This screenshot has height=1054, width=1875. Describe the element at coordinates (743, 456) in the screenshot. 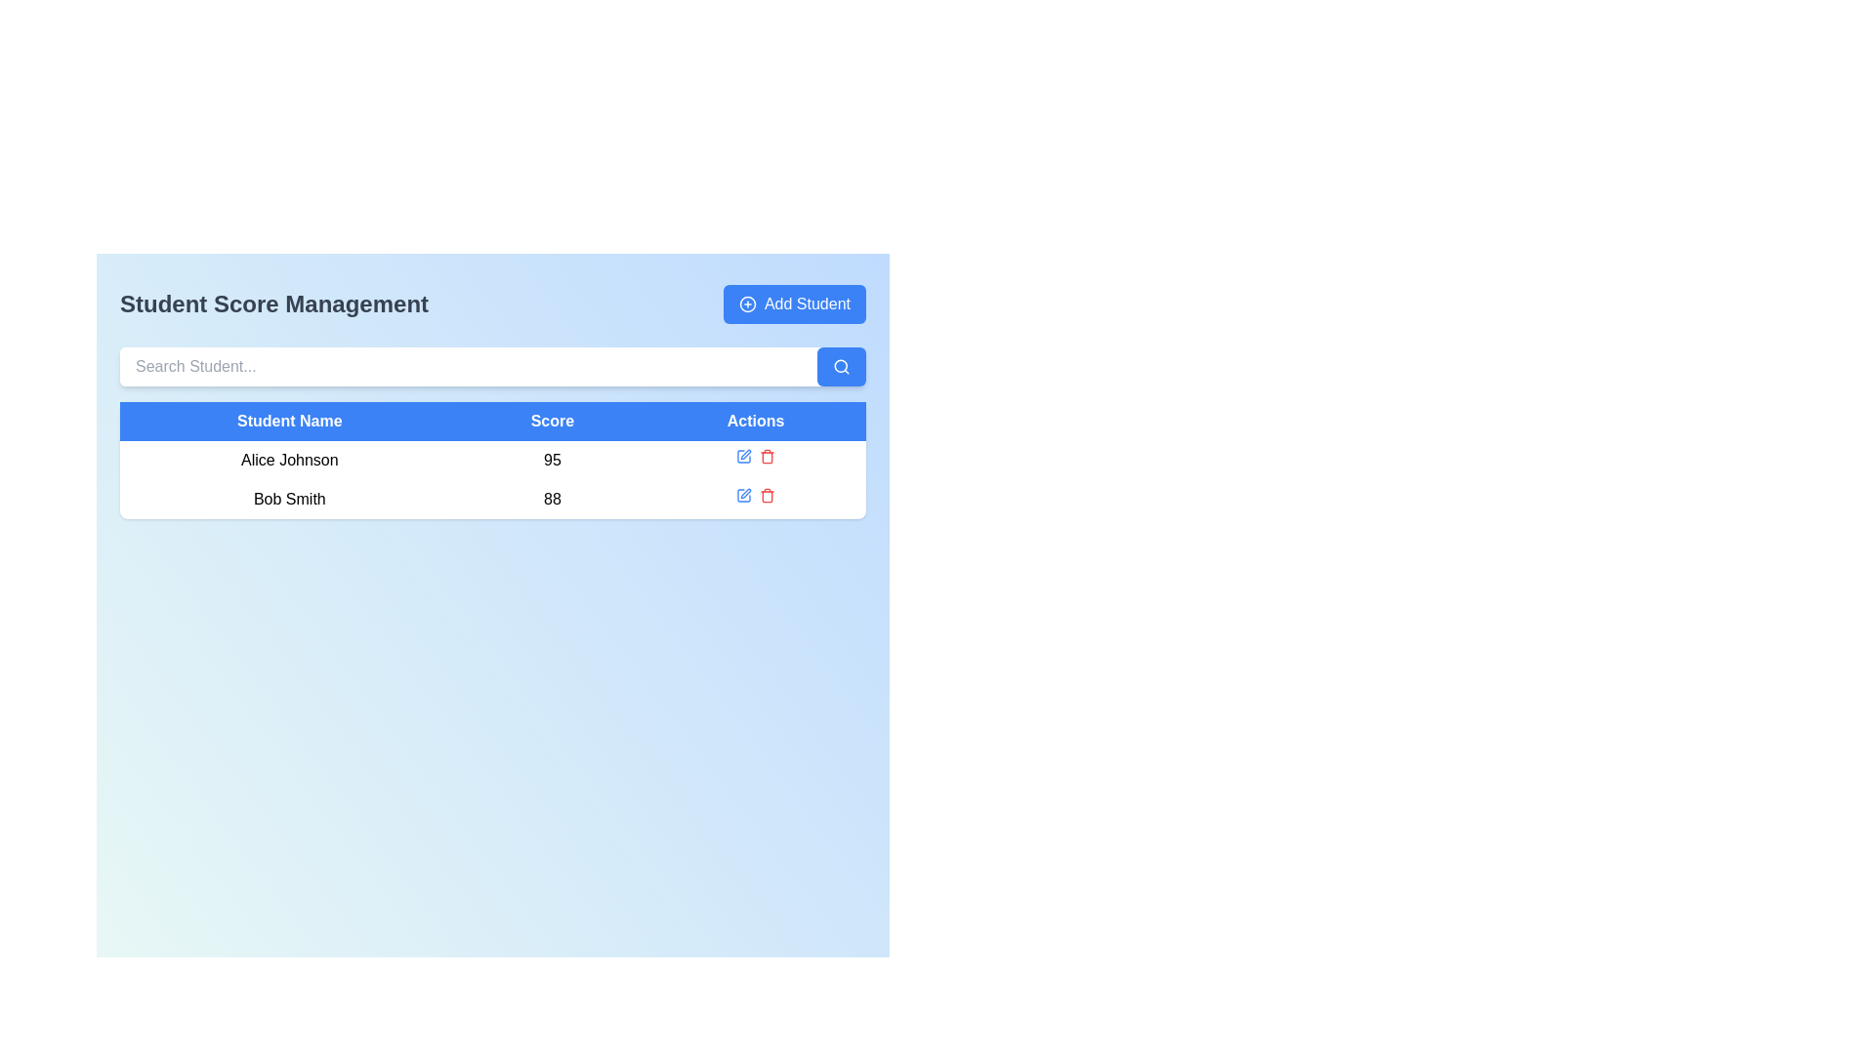

I see `the edit icon button, which is a square-shaped component with a pencil-like icon, located in the 'Actions' column of the second row of the table` at that location.